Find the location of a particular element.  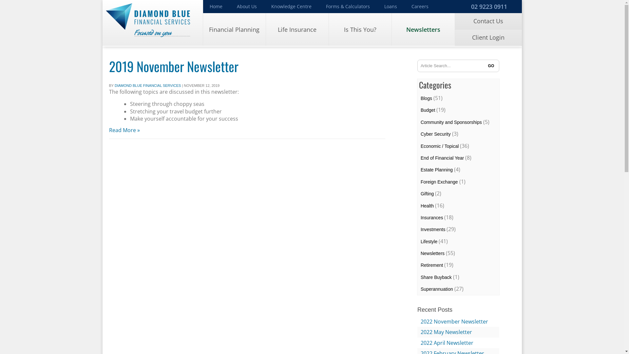

'Blogs' is located at coordinates (426, 98).